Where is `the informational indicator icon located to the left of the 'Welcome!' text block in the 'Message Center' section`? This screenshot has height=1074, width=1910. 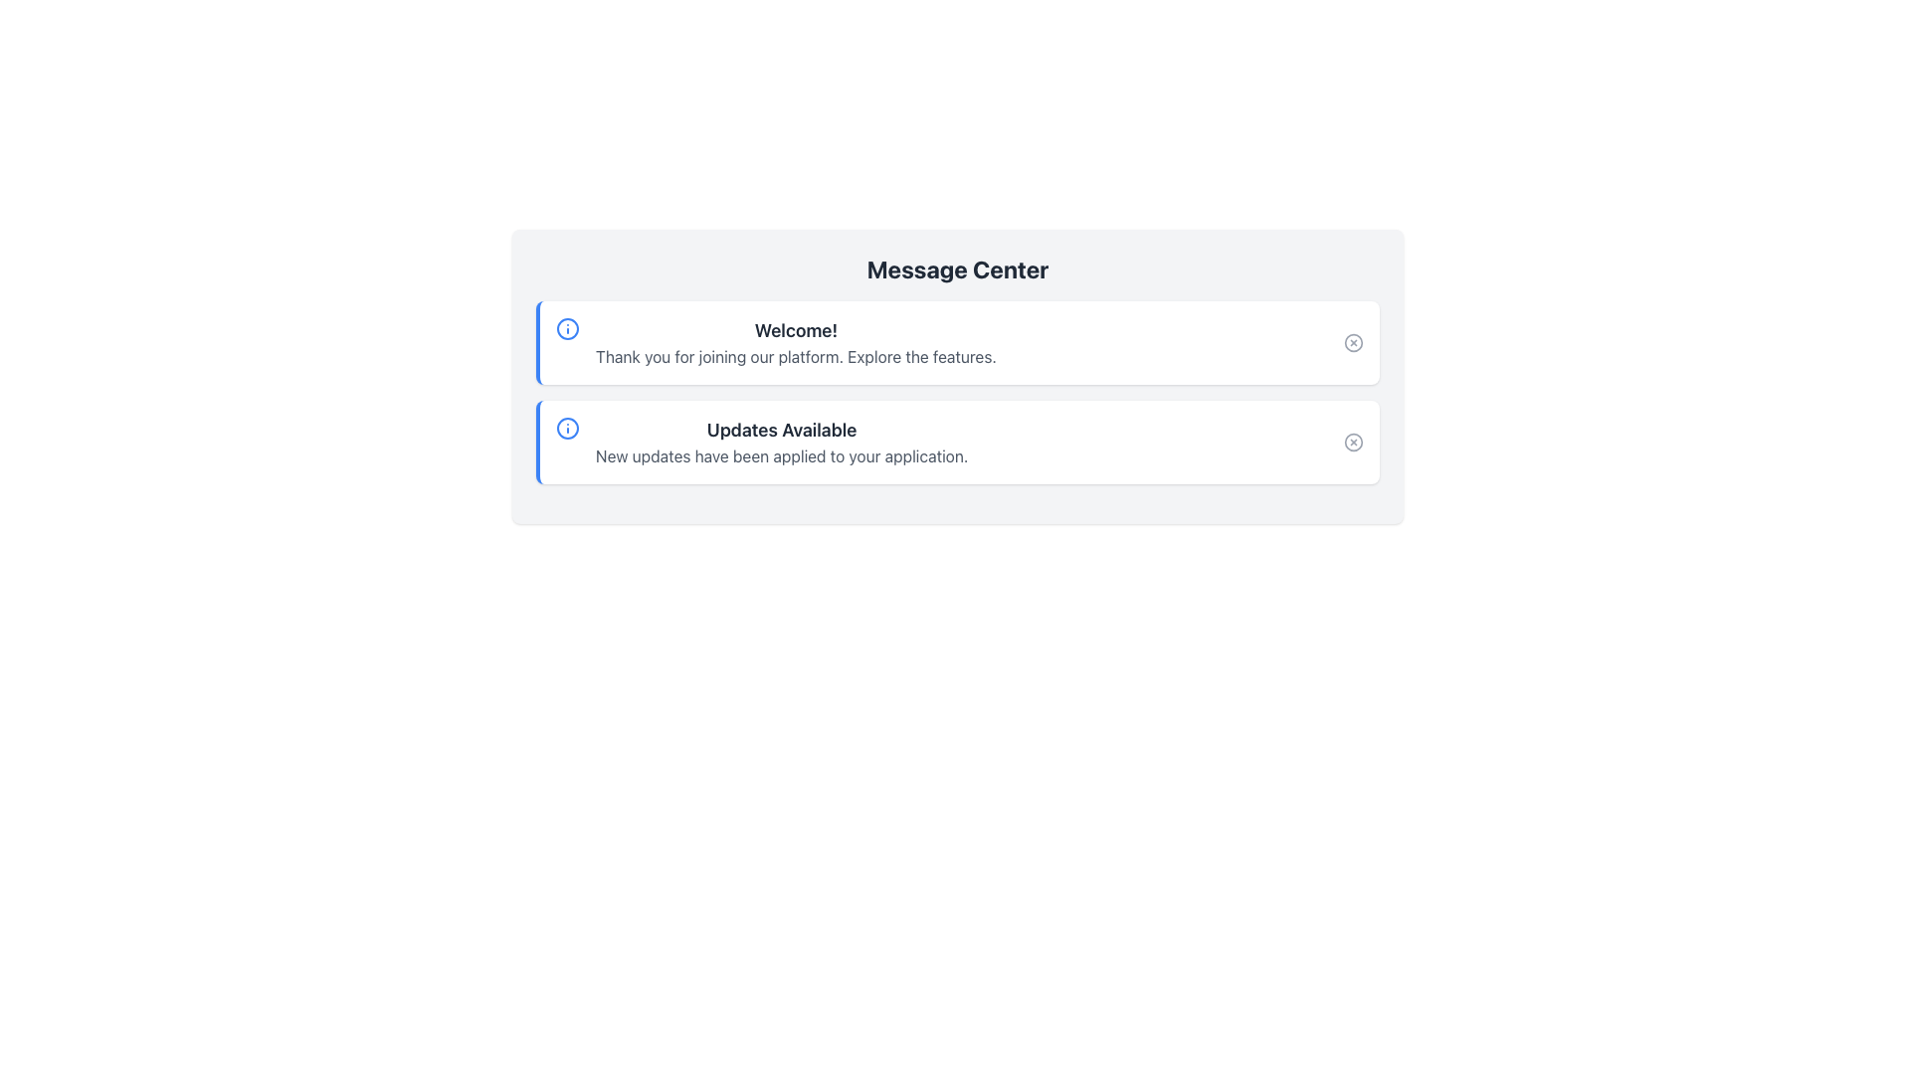 the informational indicator icon located to the left of the 'Welcome!' text block in the 'Message Center' section is located at coordinates (567, 328).